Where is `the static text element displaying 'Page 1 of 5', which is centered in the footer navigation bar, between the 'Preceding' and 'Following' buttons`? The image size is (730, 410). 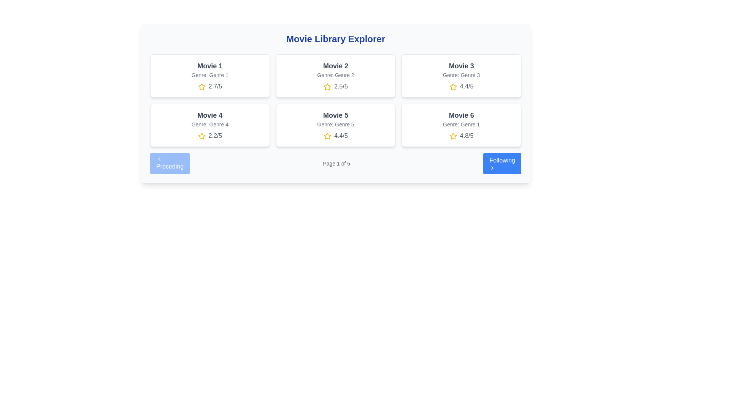
the static text element displaying 'Page 1 of 5', which is centered in the footer navigation bar, between the 'Preceding' and 'Following' buttons is located at coordinates (336, 163).